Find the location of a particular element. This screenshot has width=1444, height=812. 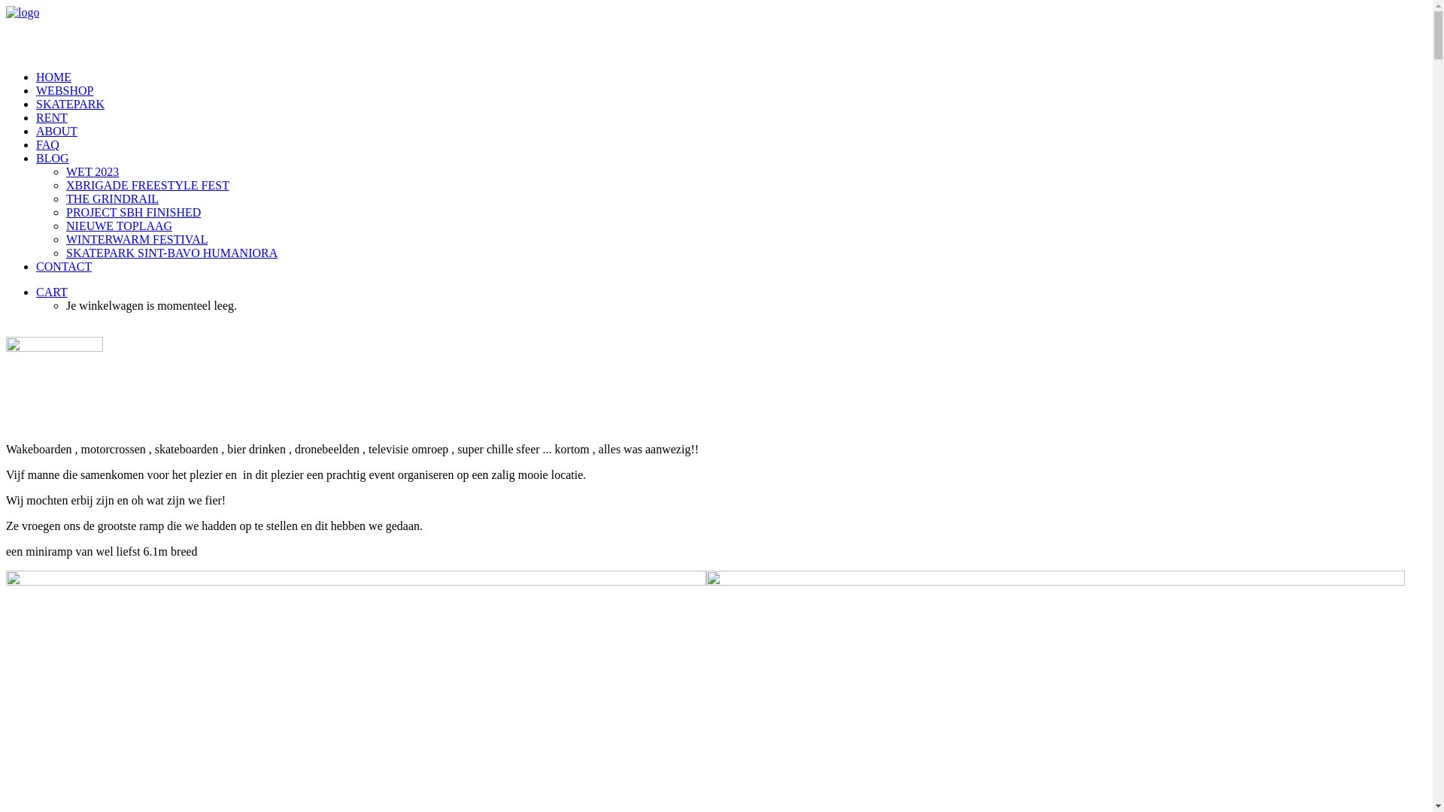

'HOME' is located at coordinates (53, 77).